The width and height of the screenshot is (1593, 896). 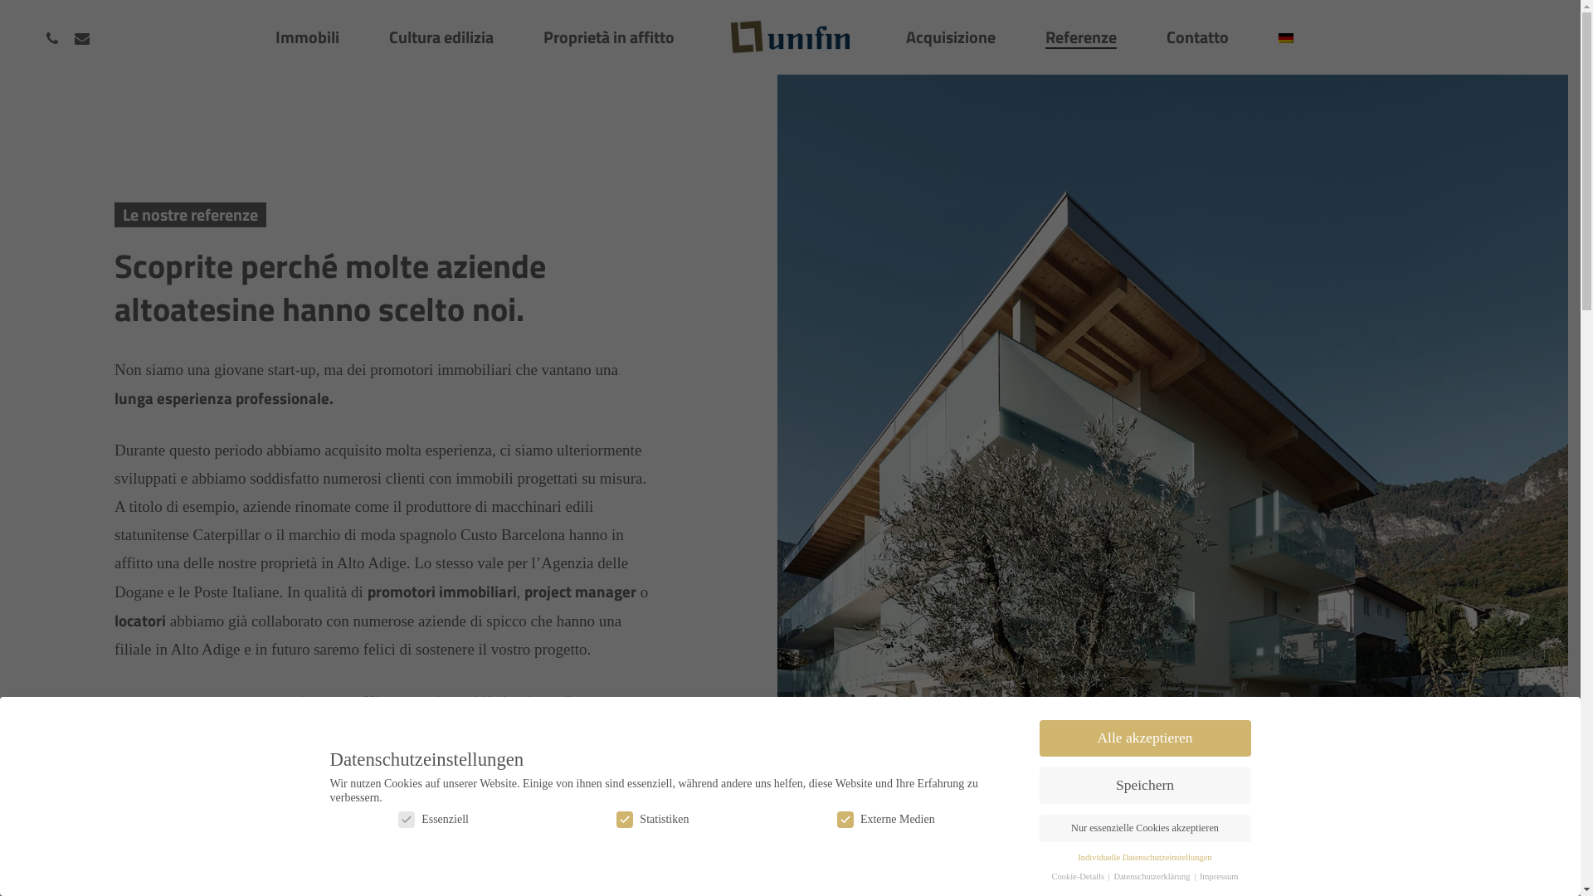 I want to click on 'Speichern', so click(x=1143, y=785).